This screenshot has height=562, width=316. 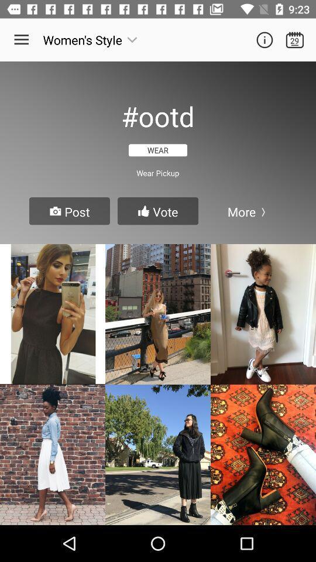 What do you see at coordinates (21, 40) in the screenshot?
I see `item next to women's style item` at bounding box center [21, 40].